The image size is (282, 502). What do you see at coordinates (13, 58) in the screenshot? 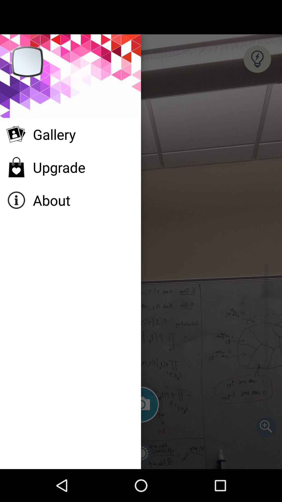
I see `the close icon` at bounding box center [13, 58].